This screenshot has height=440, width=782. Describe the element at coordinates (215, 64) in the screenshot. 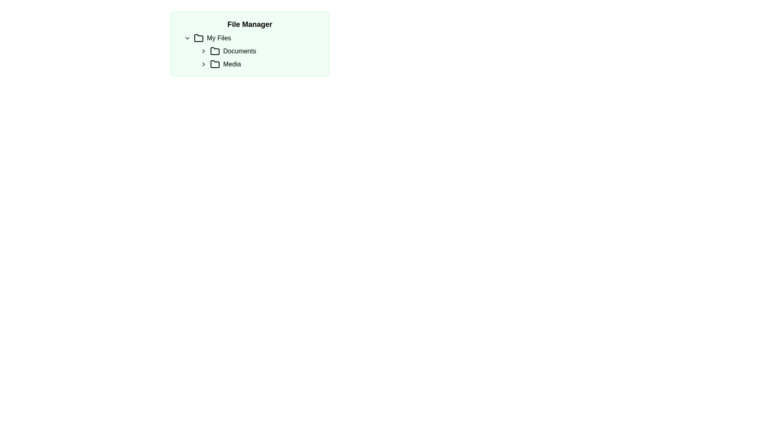

I see `the folder icon representing 'Media' in the directory tree structure` at that location.